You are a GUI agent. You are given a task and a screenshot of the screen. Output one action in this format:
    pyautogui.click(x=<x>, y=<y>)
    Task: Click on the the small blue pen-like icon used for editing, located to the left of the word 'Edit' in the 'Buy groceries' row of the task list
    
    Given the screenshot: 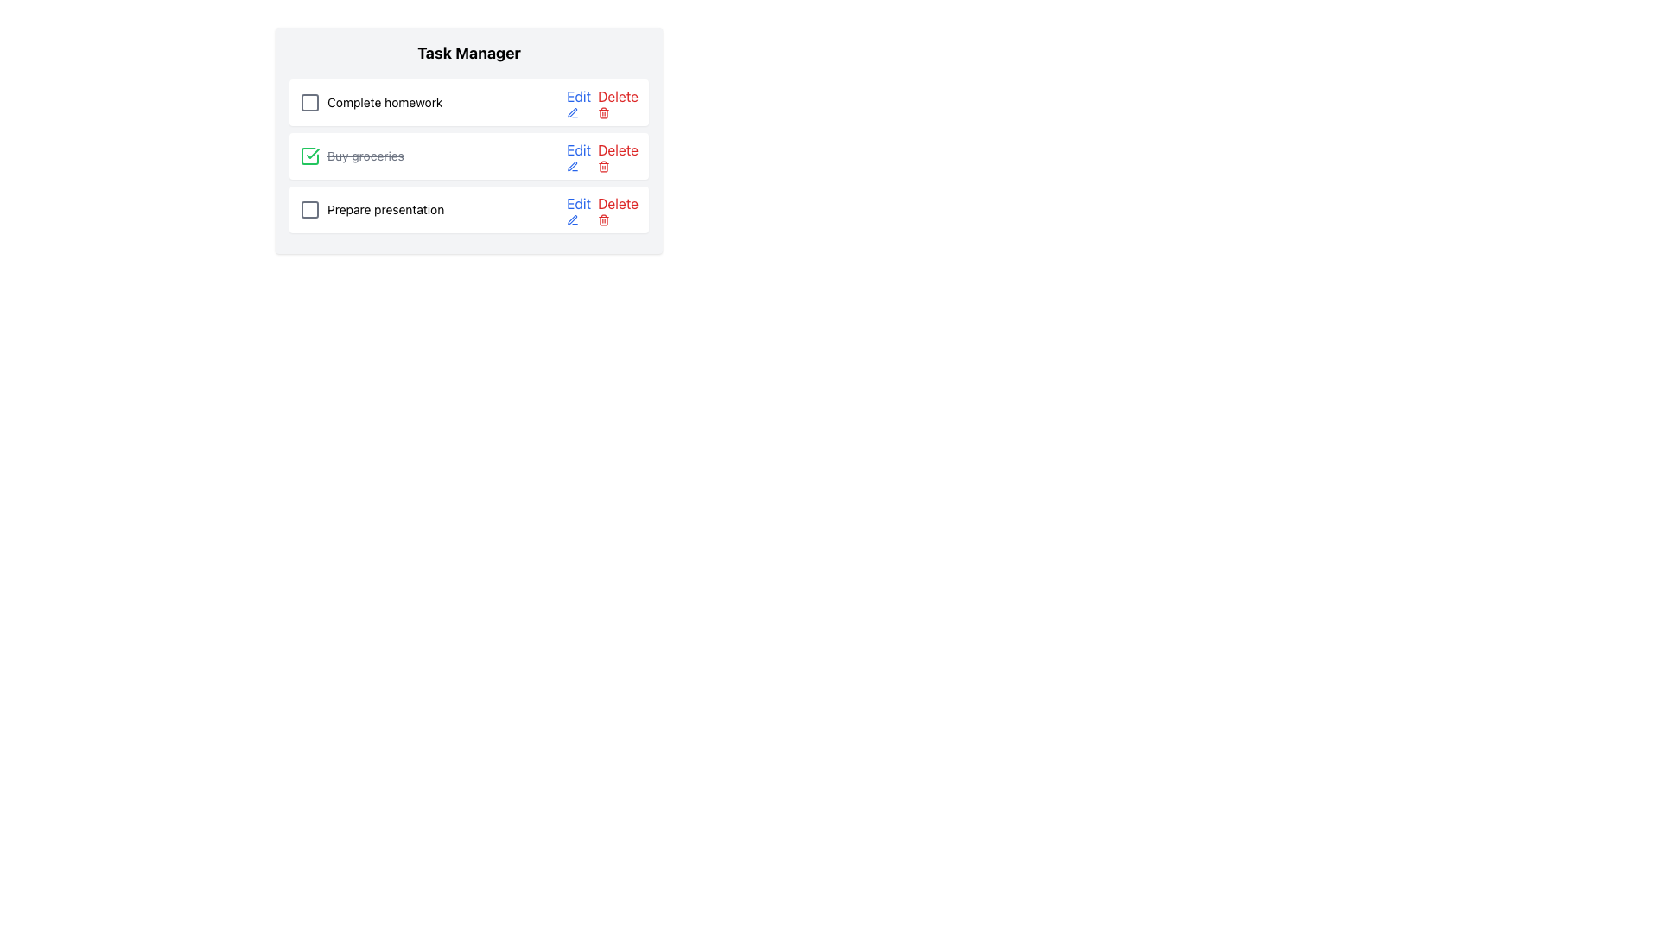 What is the action you would take?
    pyautogui.click(x=573, y=166)
    